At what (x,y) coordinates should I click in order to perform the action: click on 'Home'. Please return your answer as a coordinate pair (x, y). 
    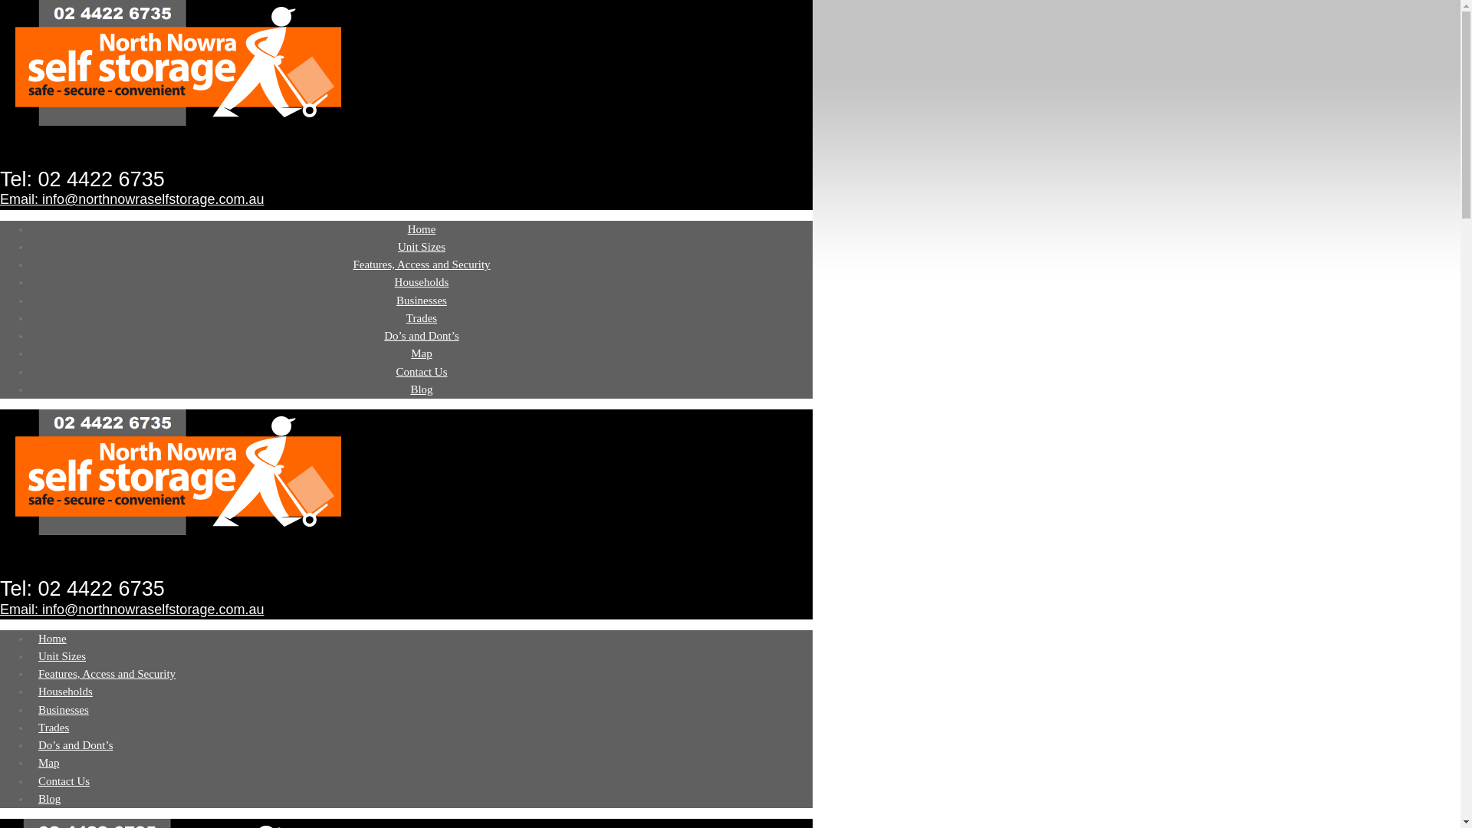
    Looking at the image, I should click on (422, 229).